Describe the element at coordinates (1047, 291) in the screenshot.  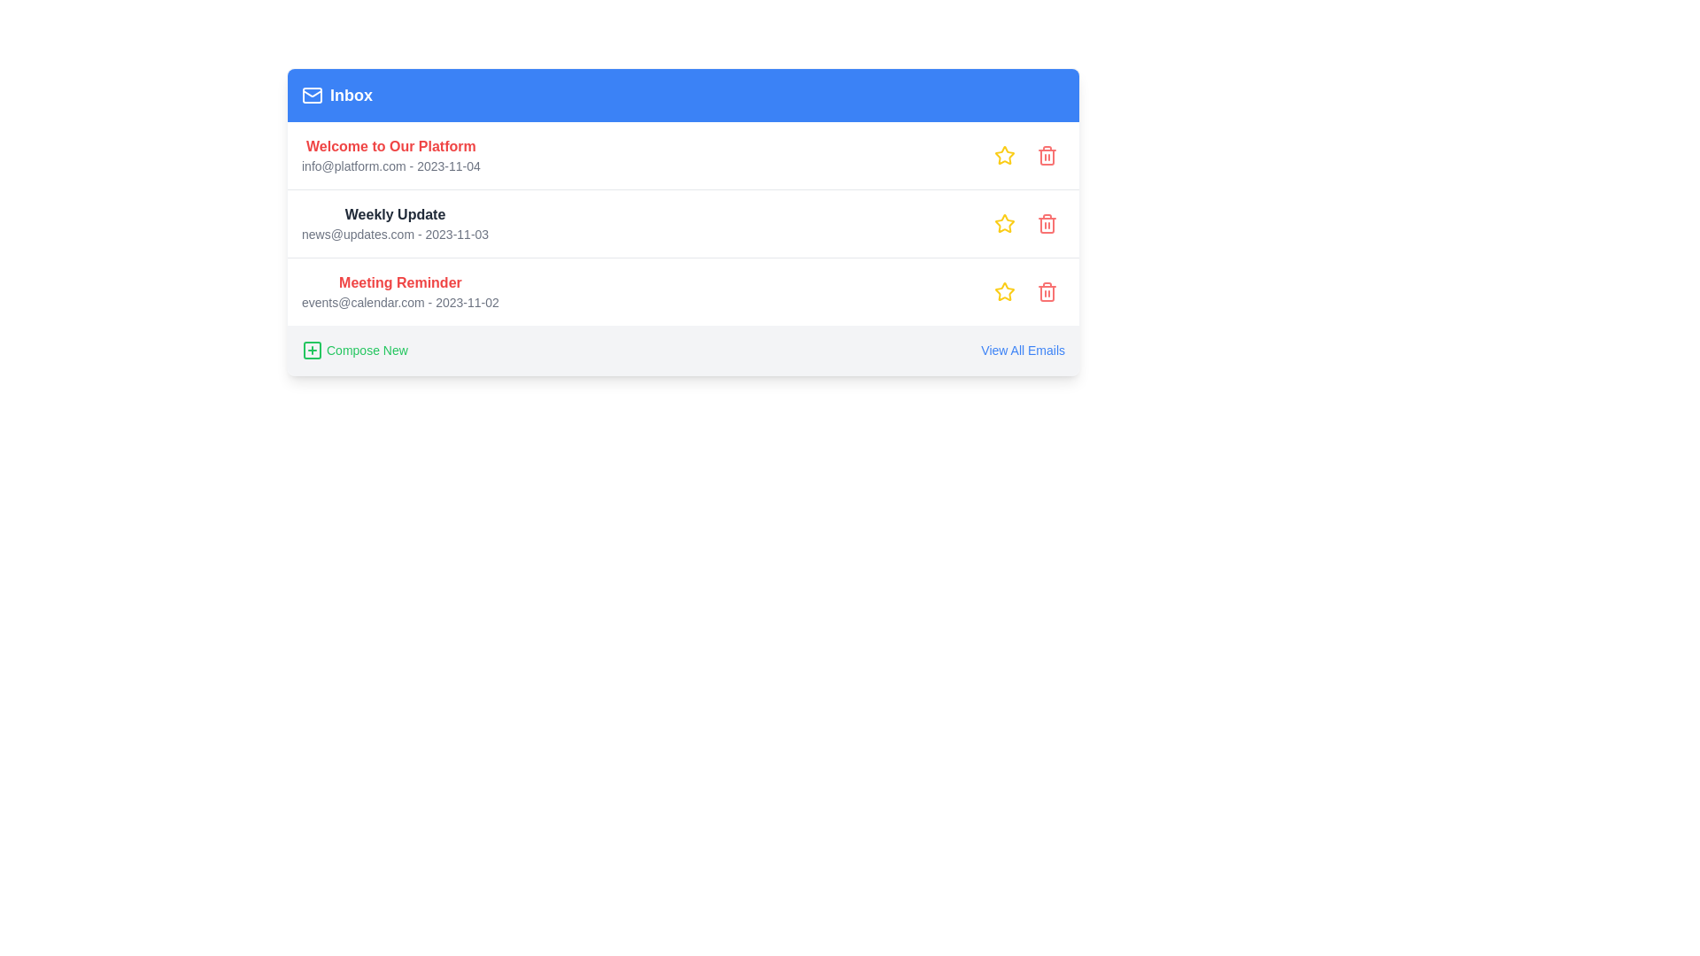
I see `the delete button for the 'Meeting Reminder' email entry, which is located to the right of a yellow star icon in the third row of the table layout` at that location.